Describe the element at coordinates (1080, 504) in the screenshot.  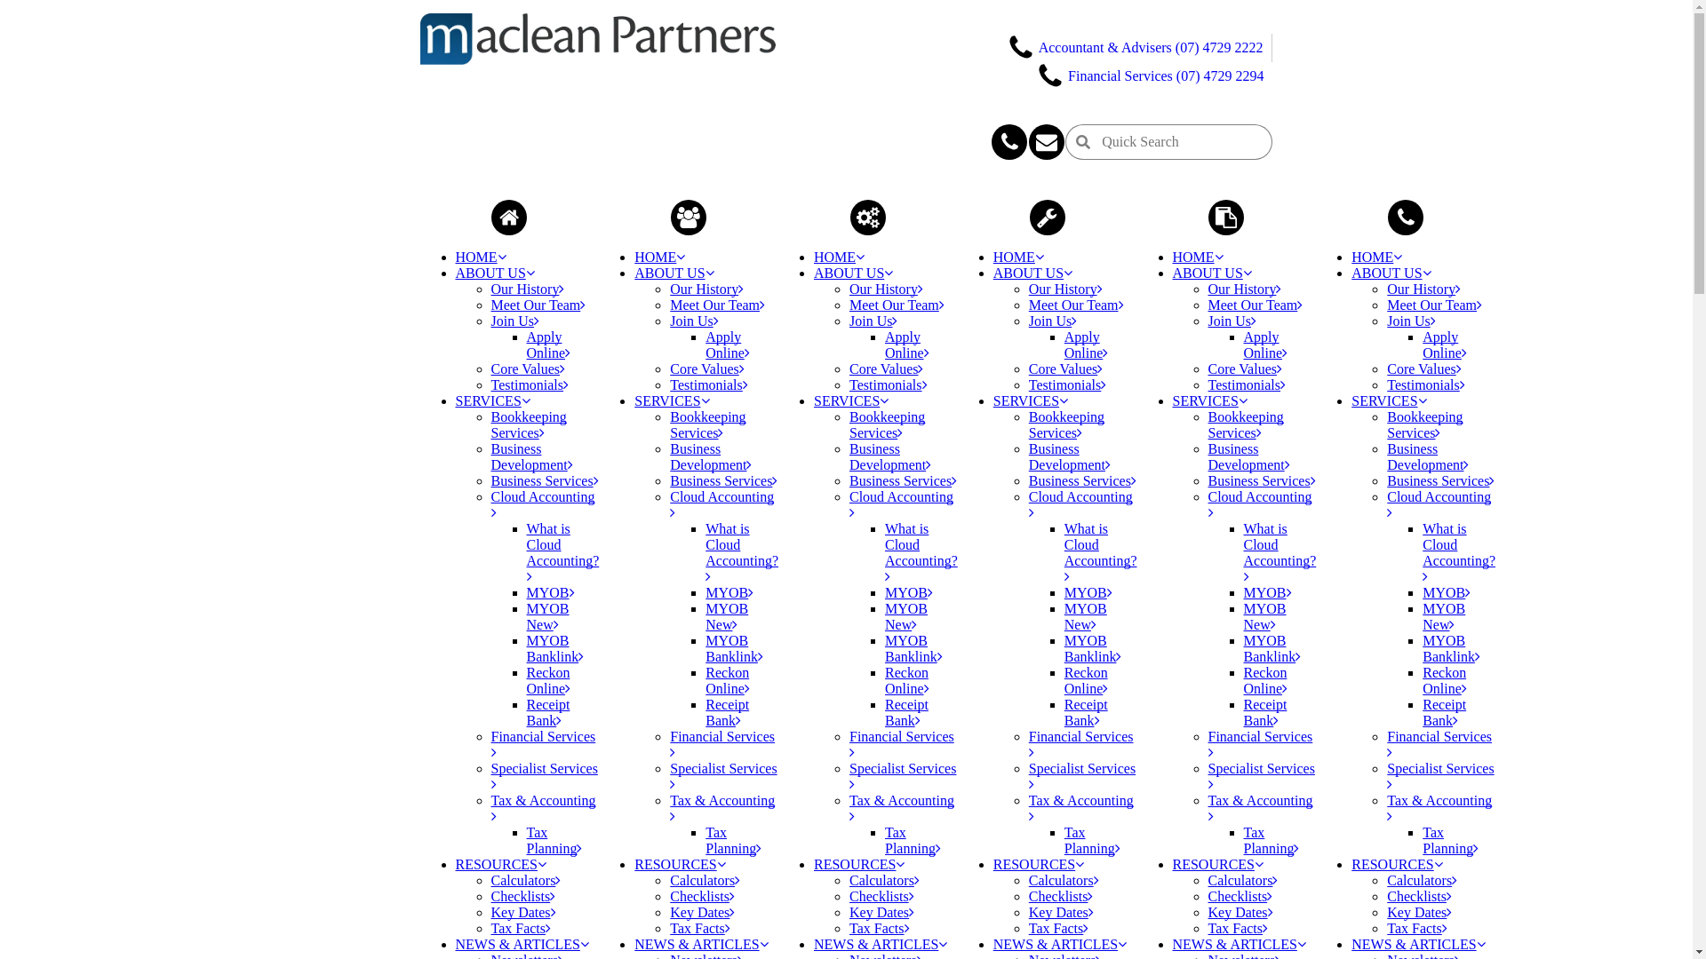
I see `'Cloud Accounting'` at that location.